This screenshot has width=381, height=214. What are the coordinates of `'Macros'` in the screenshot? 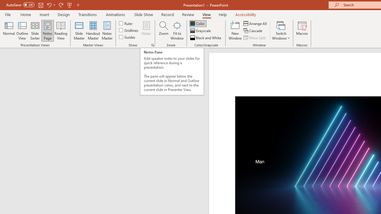 It's located at (302, 31).